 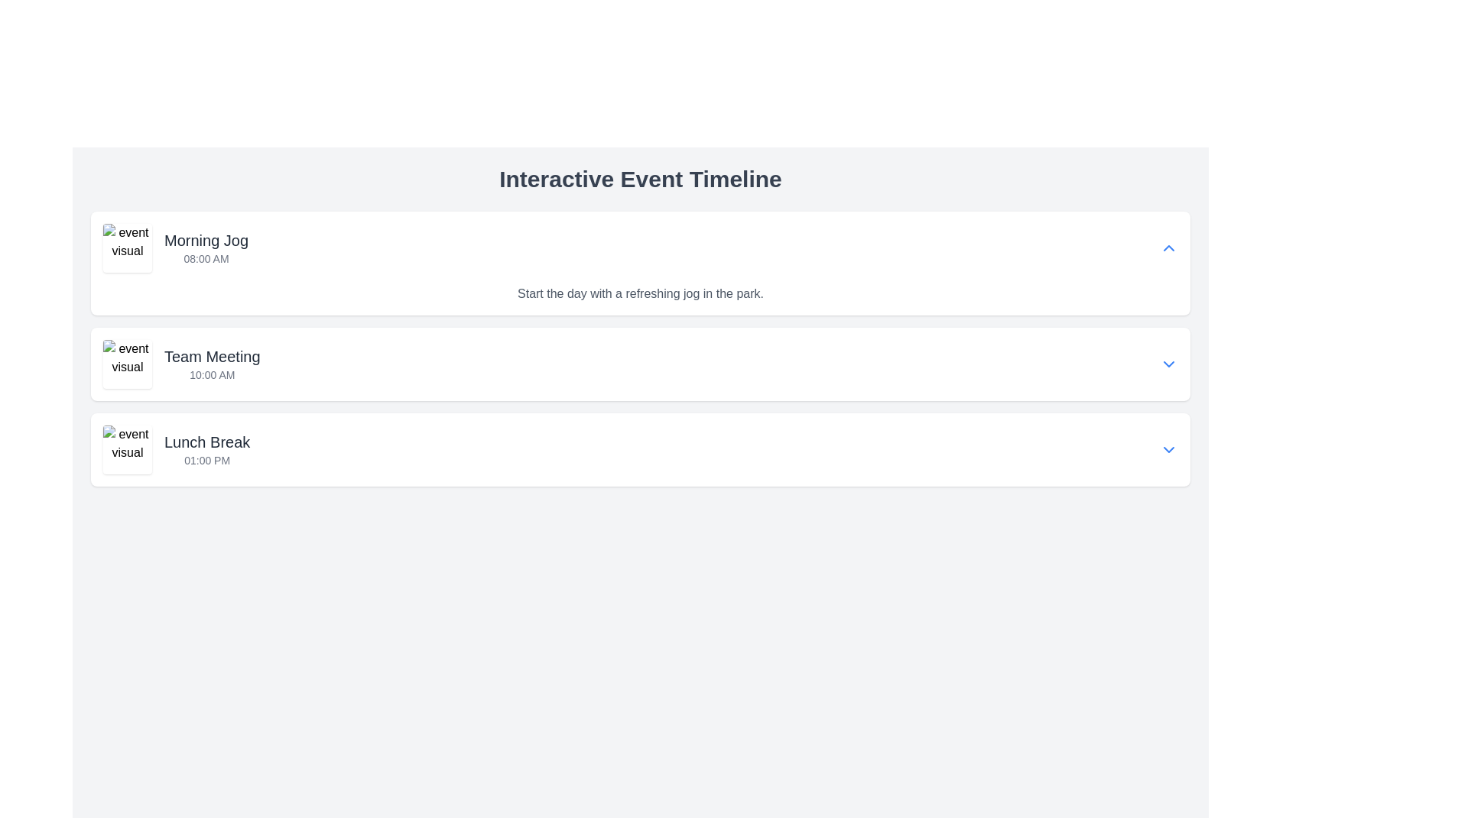 I want to click on text displayed as '10:00 AM' in a small-sized, gray-colored font, located below the title 'Team Meeting', so click(x=211, y=374).